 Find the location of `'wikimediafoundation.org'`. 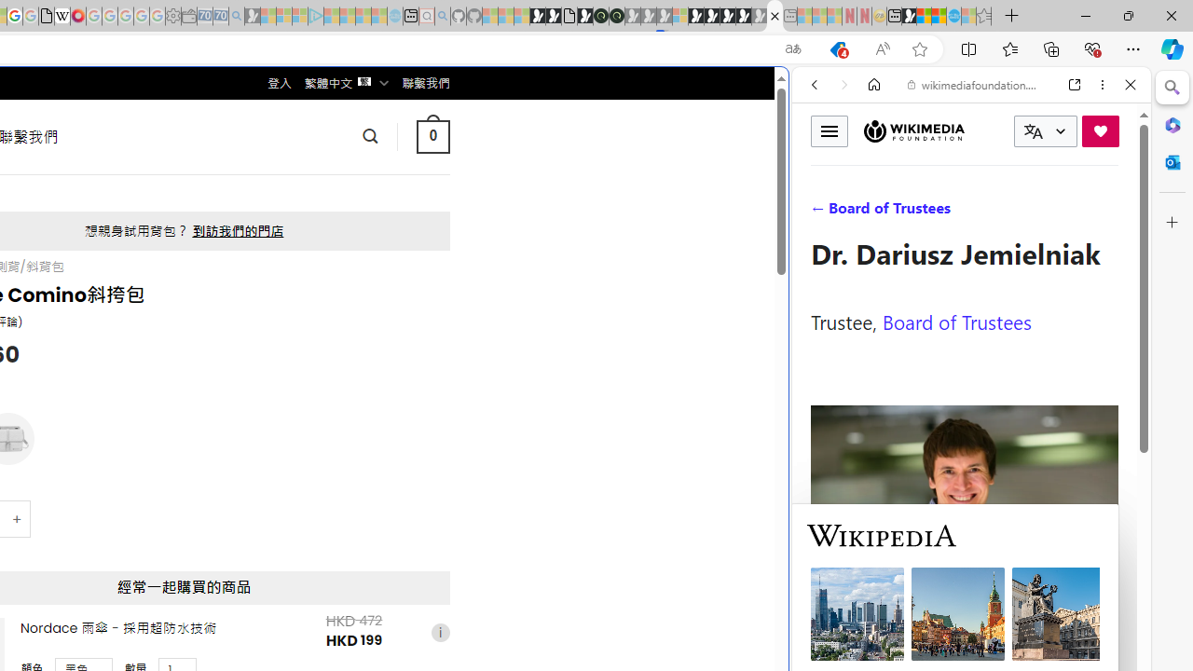

'wikimediafoundation.org' is located at coordinates (974, 85).